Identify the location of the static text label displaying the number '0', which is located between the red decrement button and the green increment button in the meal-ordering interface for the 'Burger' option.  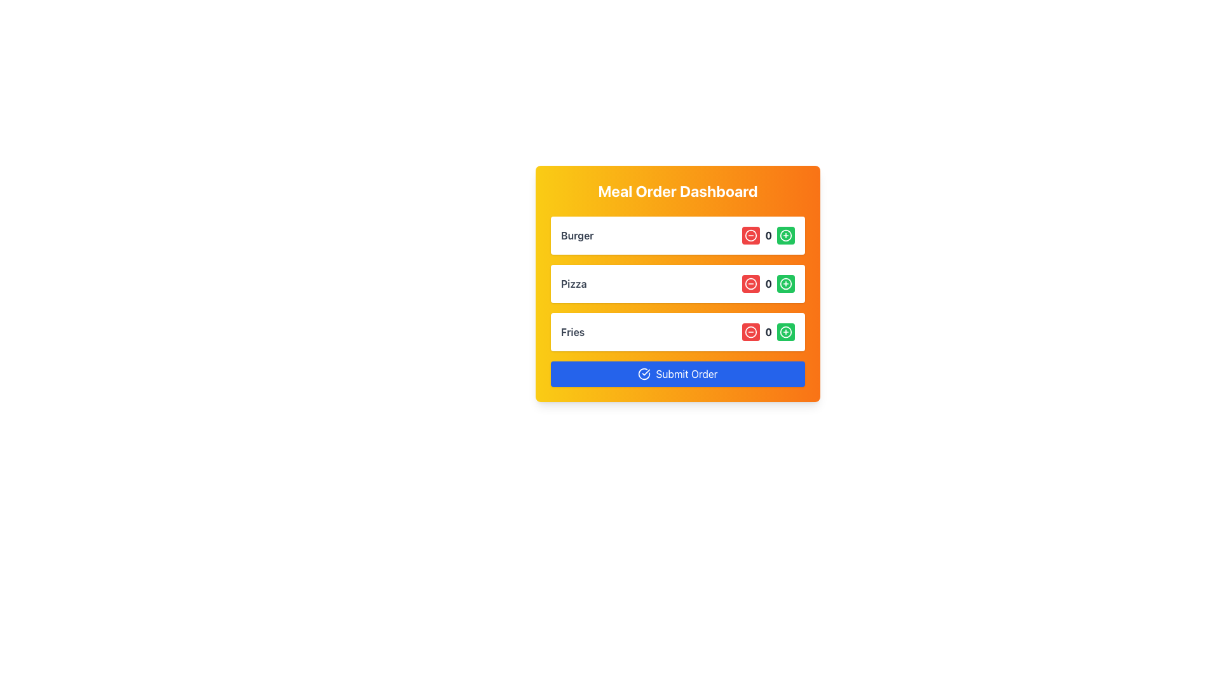
(768, 235).